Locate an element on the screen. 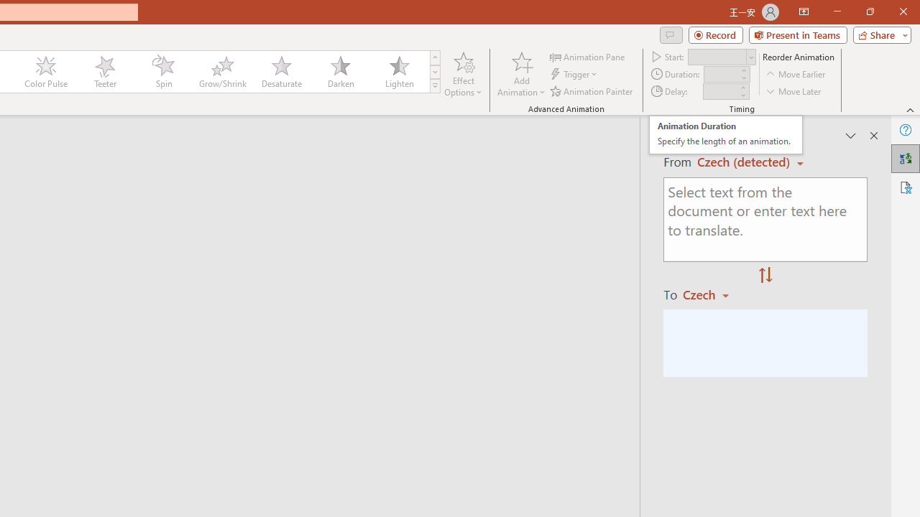 This screenshot has width=920, height=517. 'Animation Delay' is located at coordinates (720, 91).